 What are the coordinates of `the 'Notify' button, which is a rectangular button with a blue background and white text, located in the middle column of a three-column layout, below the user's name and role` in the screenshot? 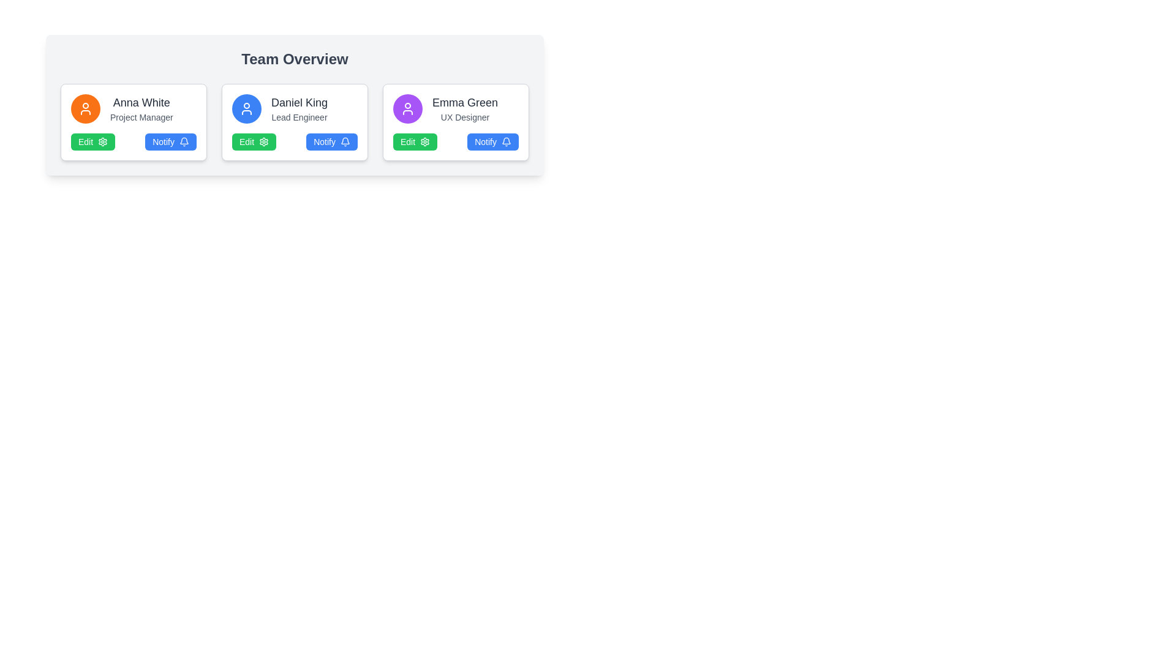 It's located at (170, 141).